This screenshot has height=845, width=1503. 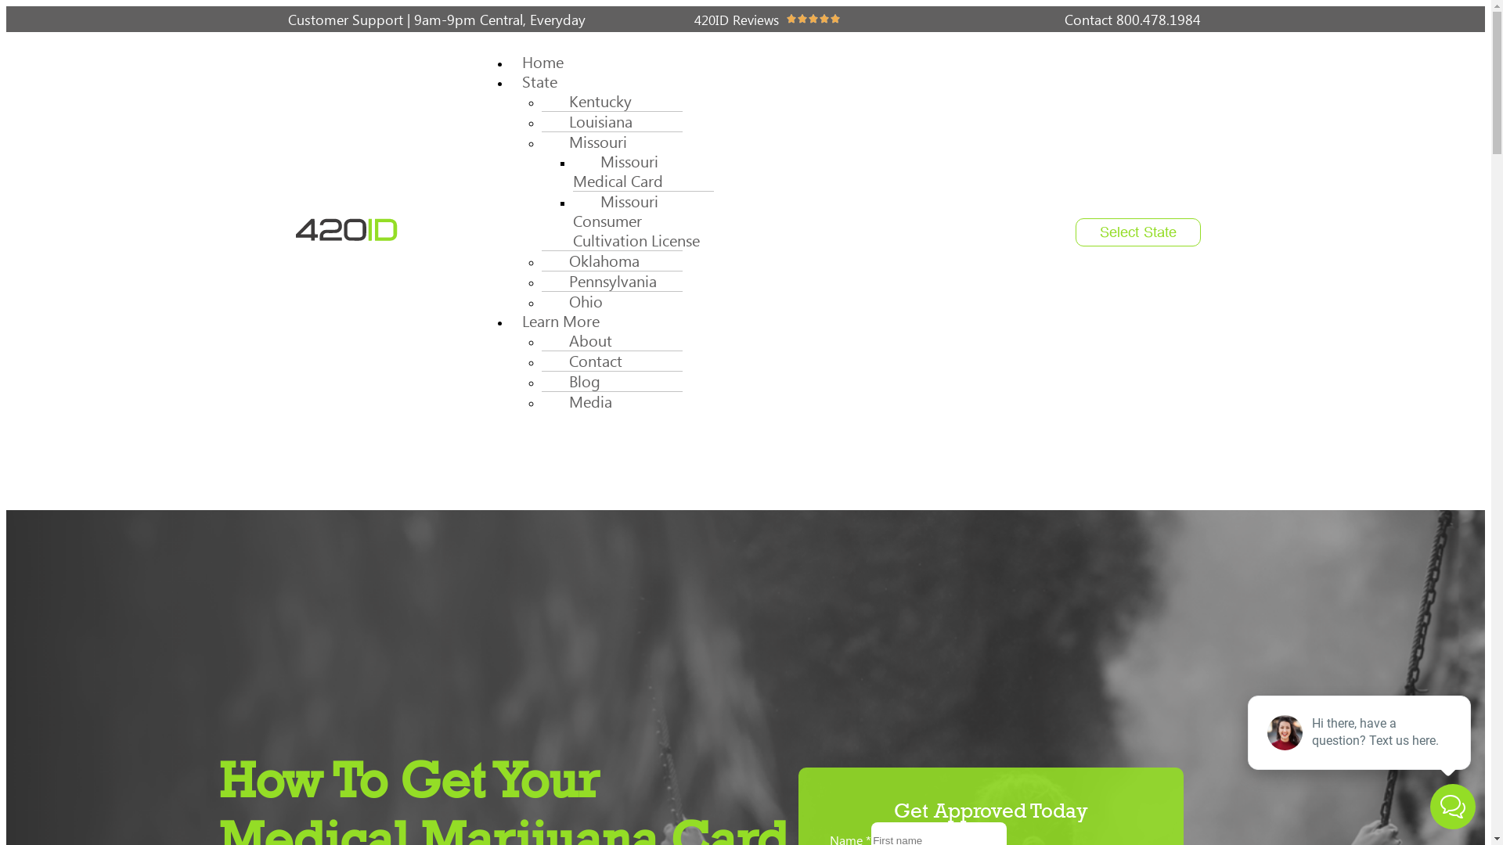 What do you see at coordinates (560, 320) in the screenshot?
I see `'Learn More'` at bounding box center [560, 320].